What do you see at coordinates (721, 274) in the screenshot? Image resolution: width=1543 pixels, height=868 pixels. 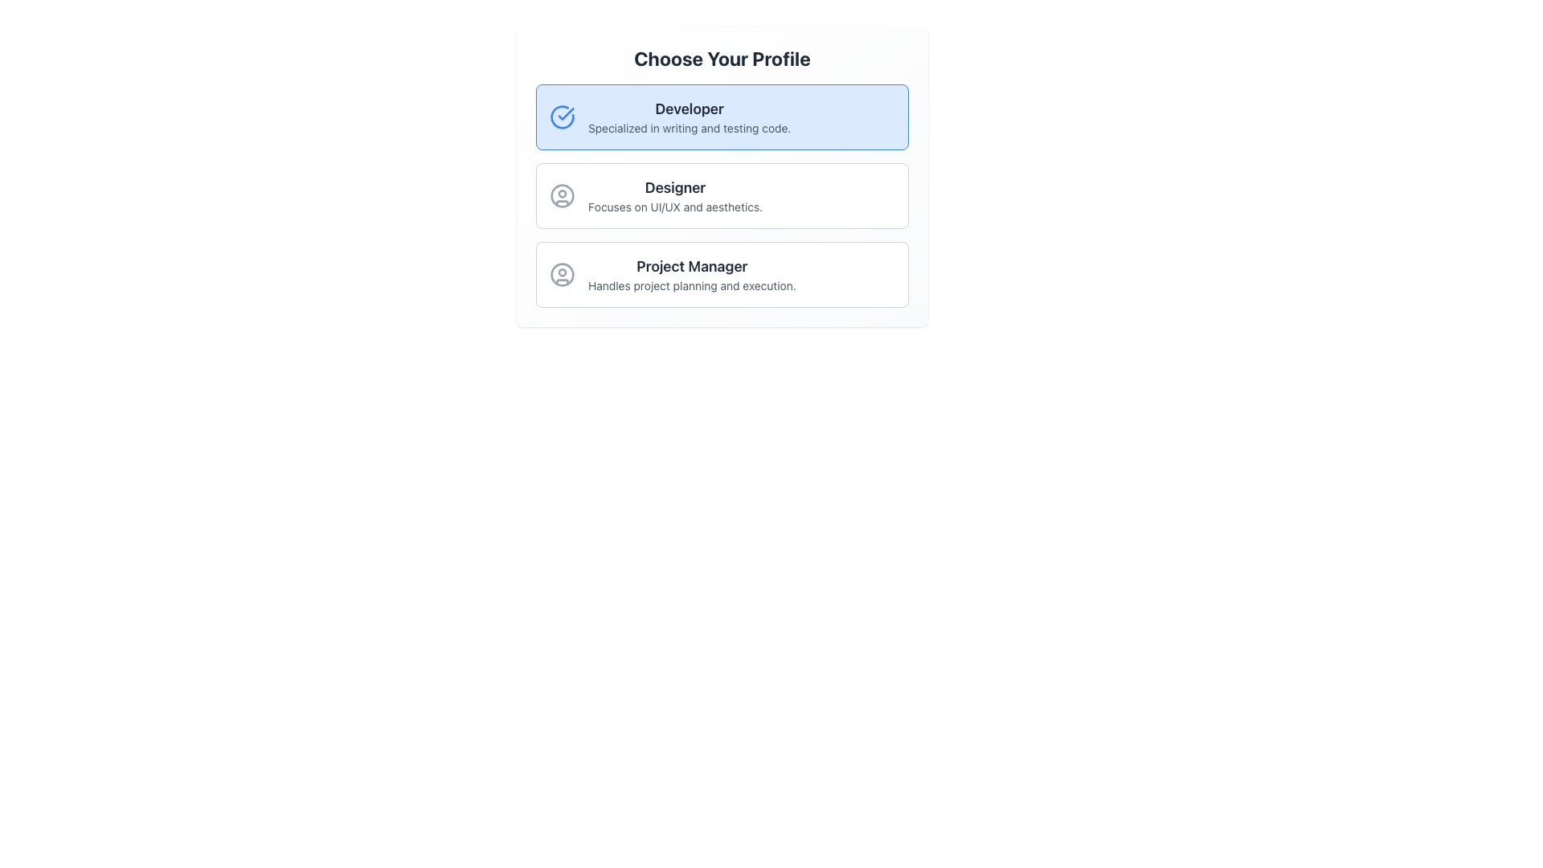 I see `the 'Project Manager' button, which is the third card in a vertical list of cards, positioned below the 'Designer' card` at bounding box center [721, 274].